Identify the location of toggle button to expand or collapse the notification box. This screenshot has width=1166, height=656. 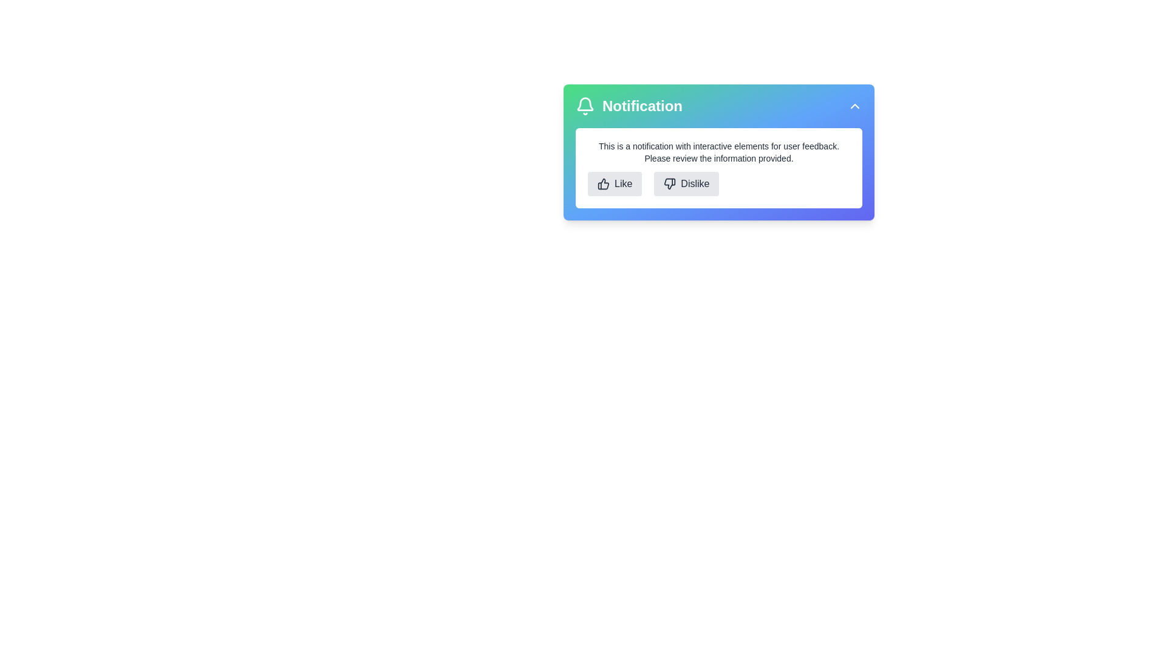
(854, 105).